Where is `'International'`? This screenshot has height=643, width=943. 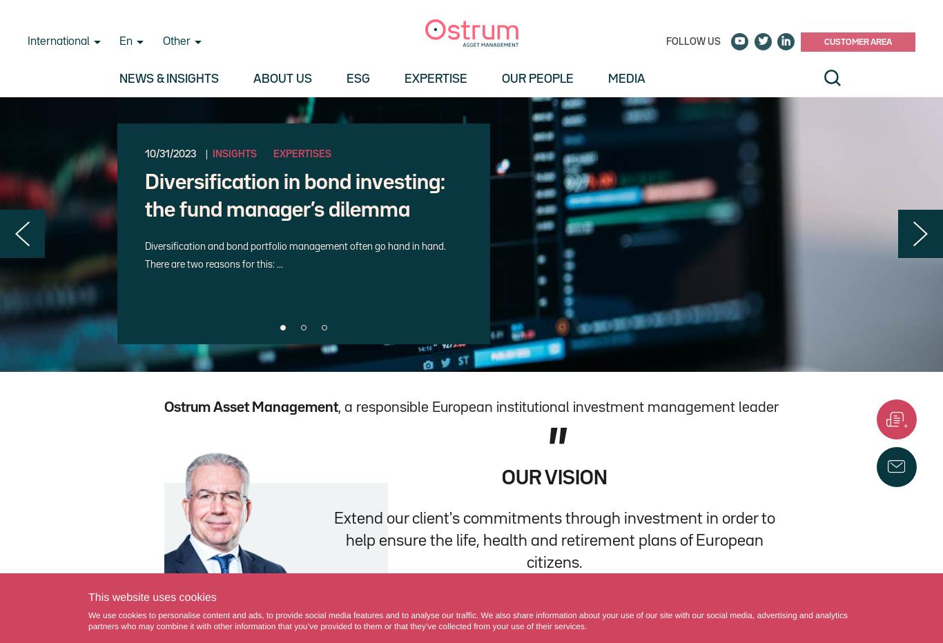 'International' is located at coordinates (58, 41).